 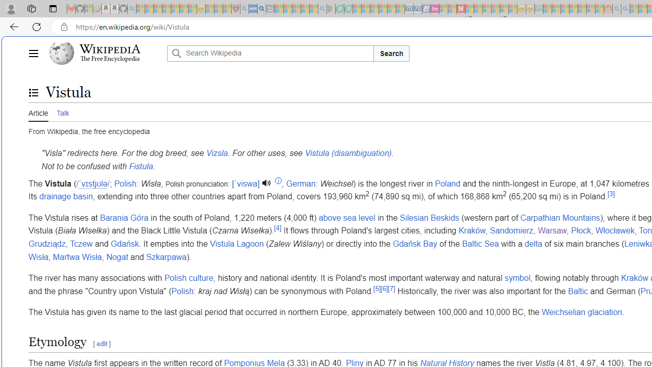 I want to click on 'Terms of Use Agreement - Sleeping', so click(x=339, y=9).